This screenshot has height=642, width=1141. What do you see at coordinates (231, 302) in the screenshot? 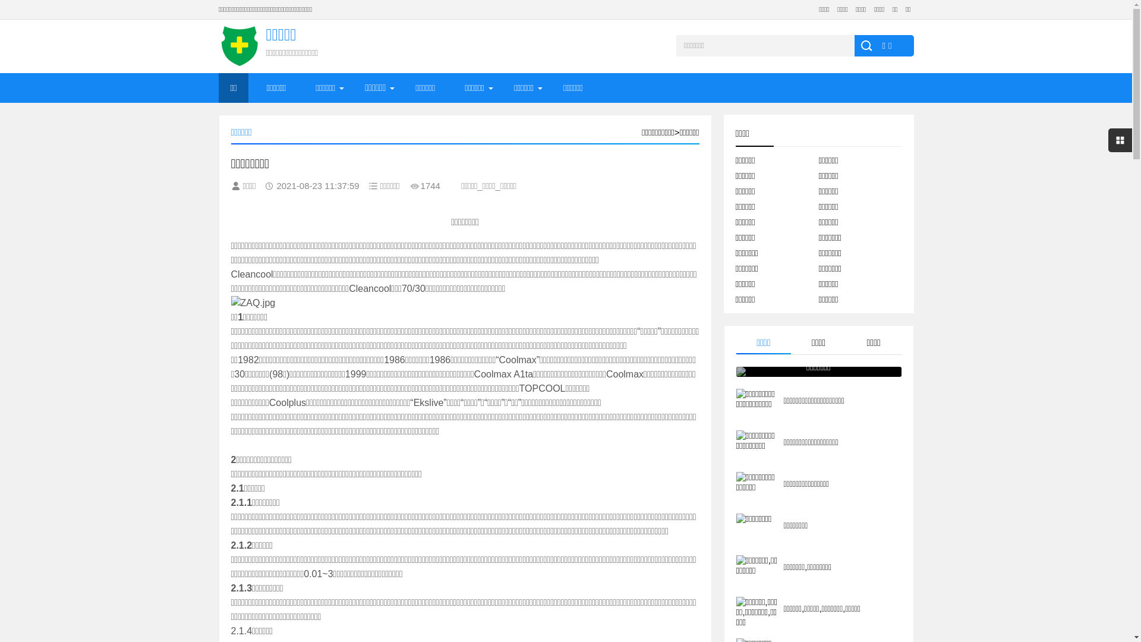
I see `'ZAQ.jpg'` at bounding box center [231, 302].